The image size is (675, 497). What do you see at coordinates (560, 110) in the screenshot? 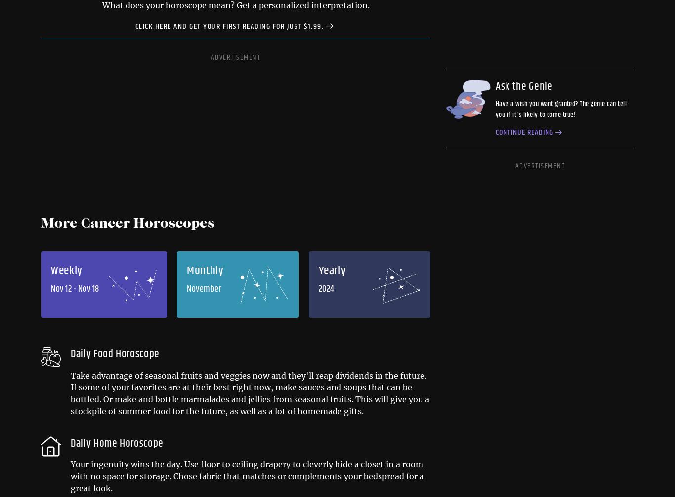
I see `'Have a wish you want granted? The genie can tell you if it's likely to come true!'` at bounding box center [560, 110].